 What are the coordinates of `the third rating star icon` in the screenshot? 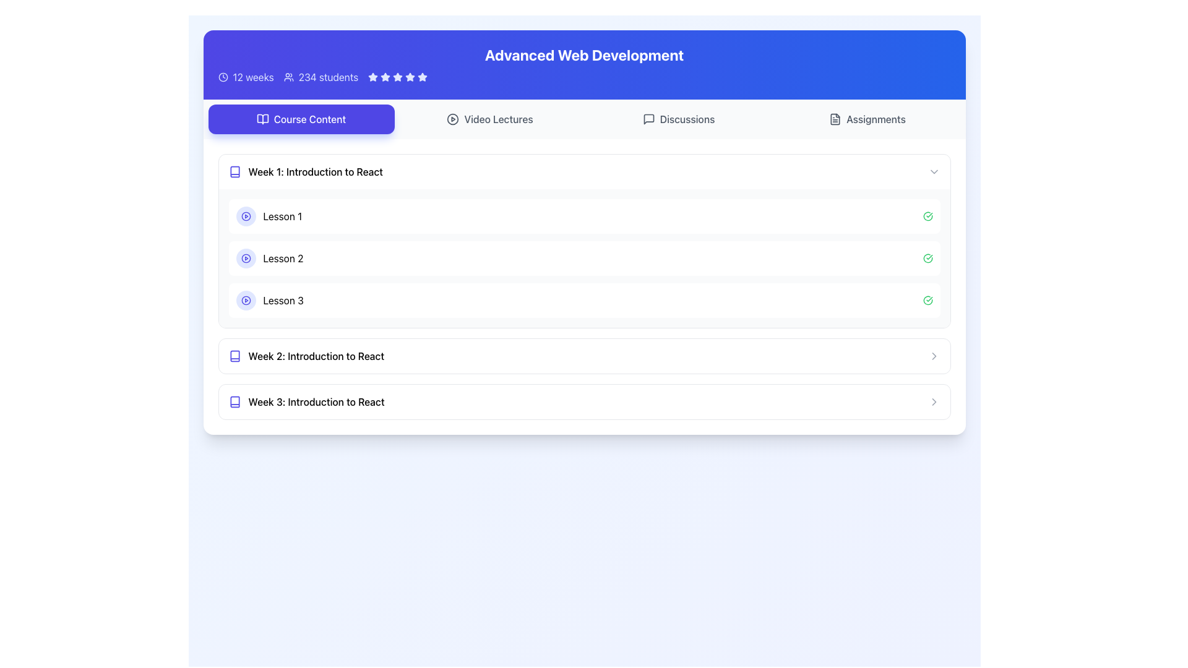 It's located at (385, 77).